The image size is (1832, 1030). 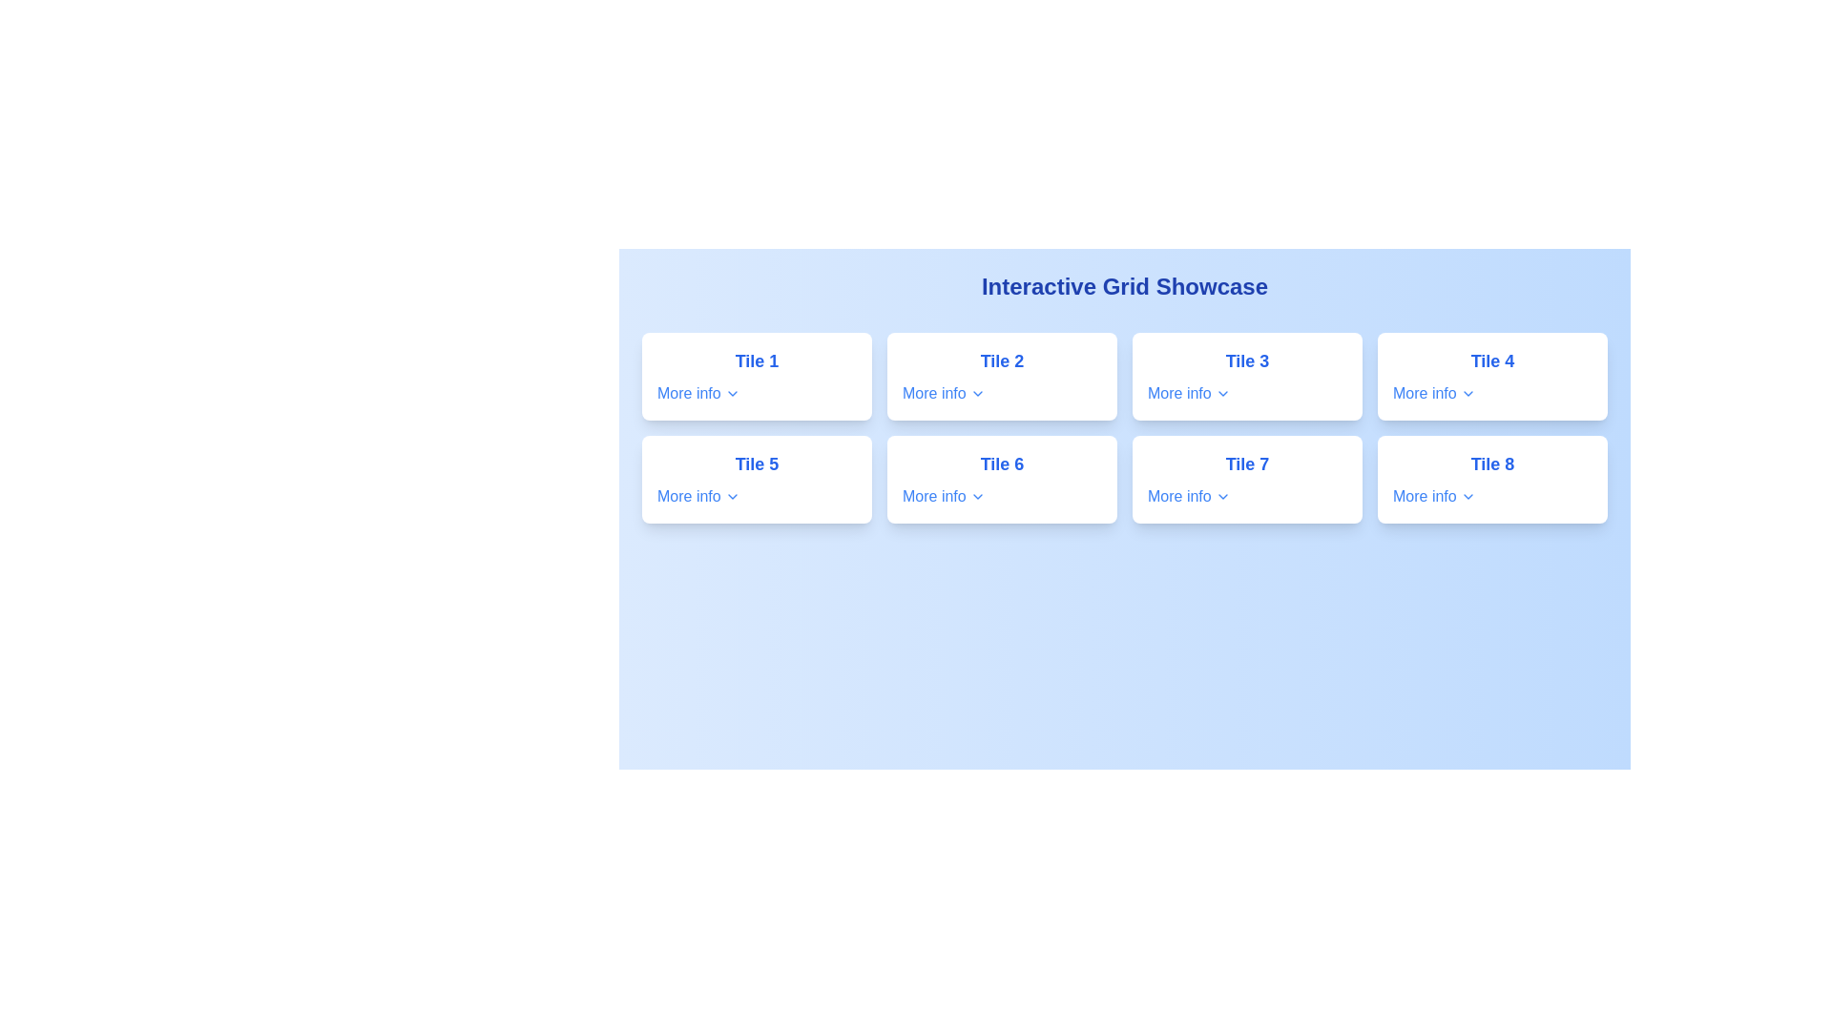 I want to click on the Card with 'Tile 6' and 'More info' text, so click(x=1001, y=478).